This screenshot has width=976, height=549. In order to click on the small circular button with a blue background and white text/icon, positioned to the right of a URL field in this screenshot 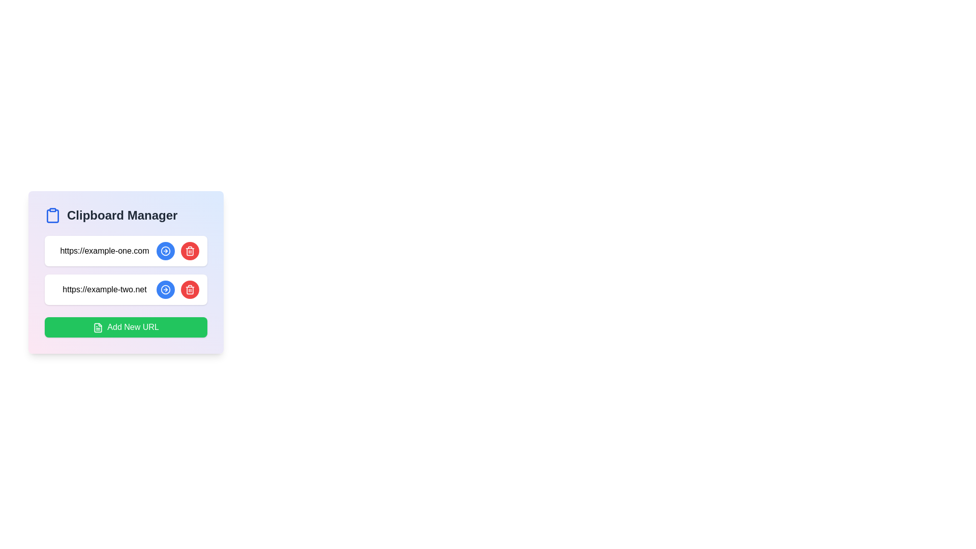, I will do `click(166, 290)`.